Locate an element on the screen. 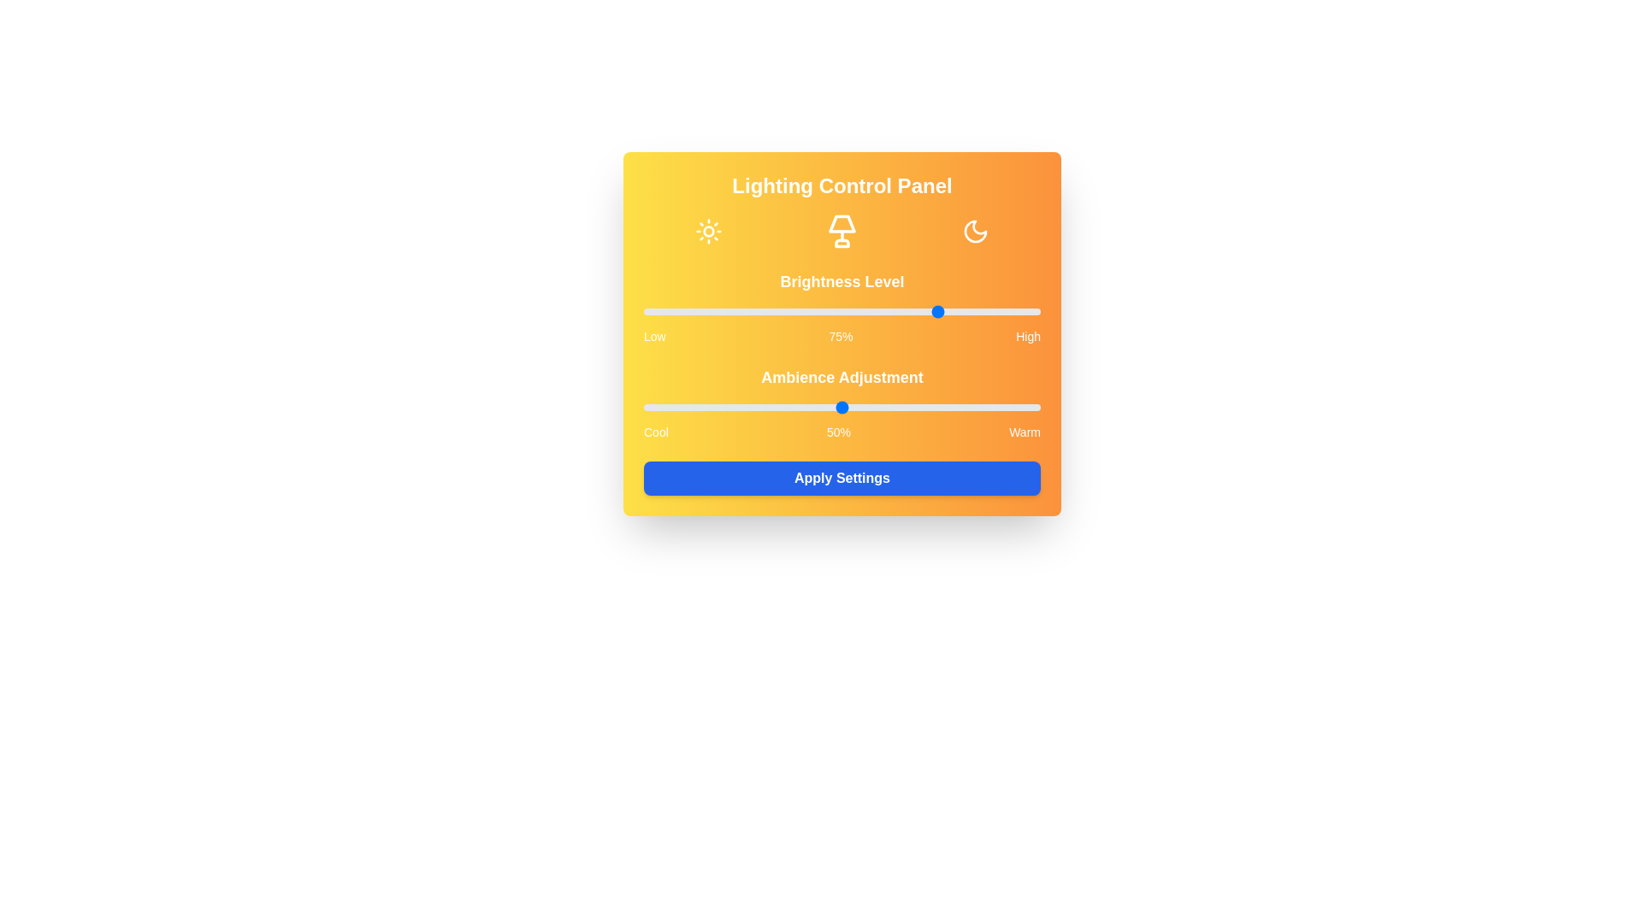  the brightness slider to set the brightness level to 94% is located at coordinates (1017, 312).